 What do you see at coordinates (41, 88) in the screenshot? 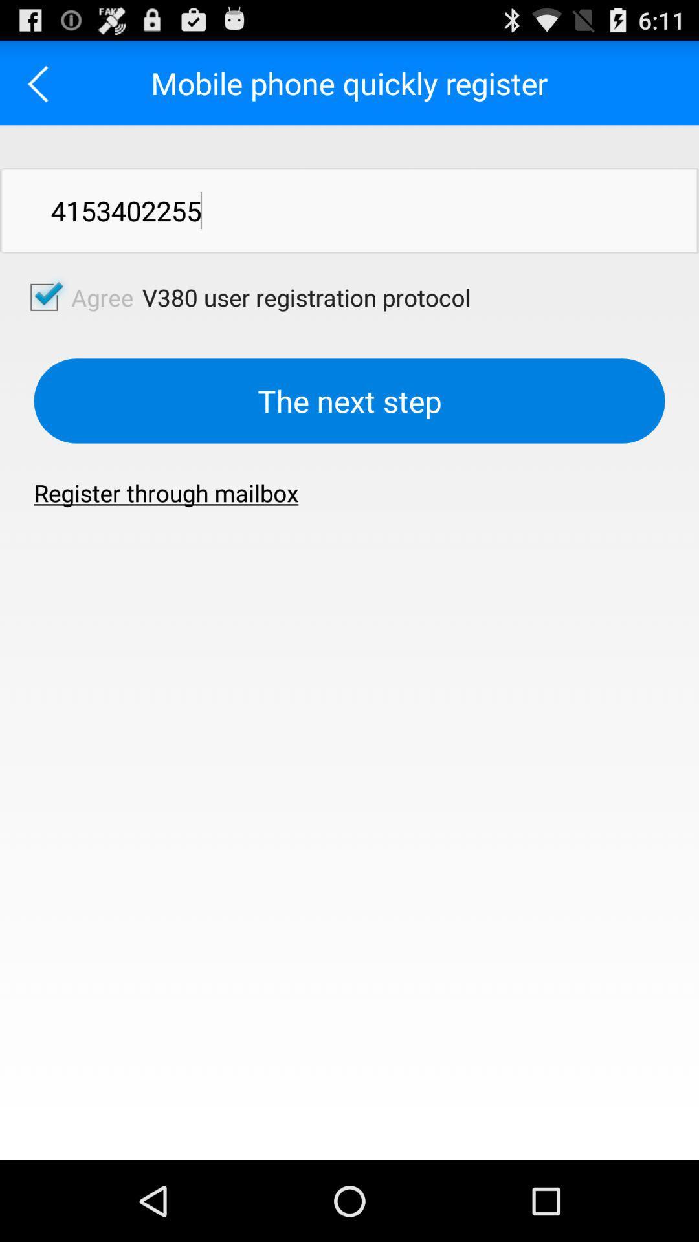
I see `the arrow_backward icon` at bounding box center [41, 88].